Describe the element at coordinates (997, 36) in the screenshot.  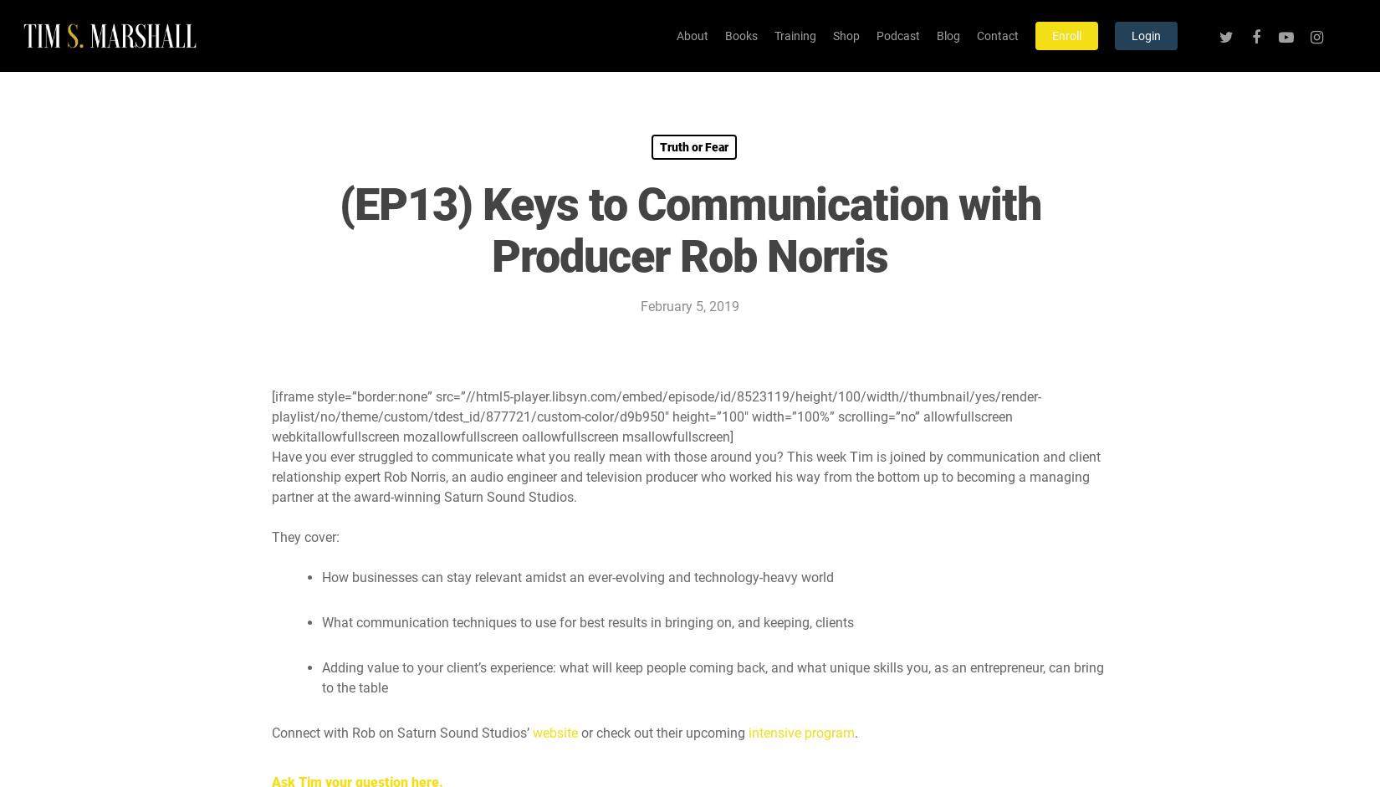
I see `'Contact'` at that location.